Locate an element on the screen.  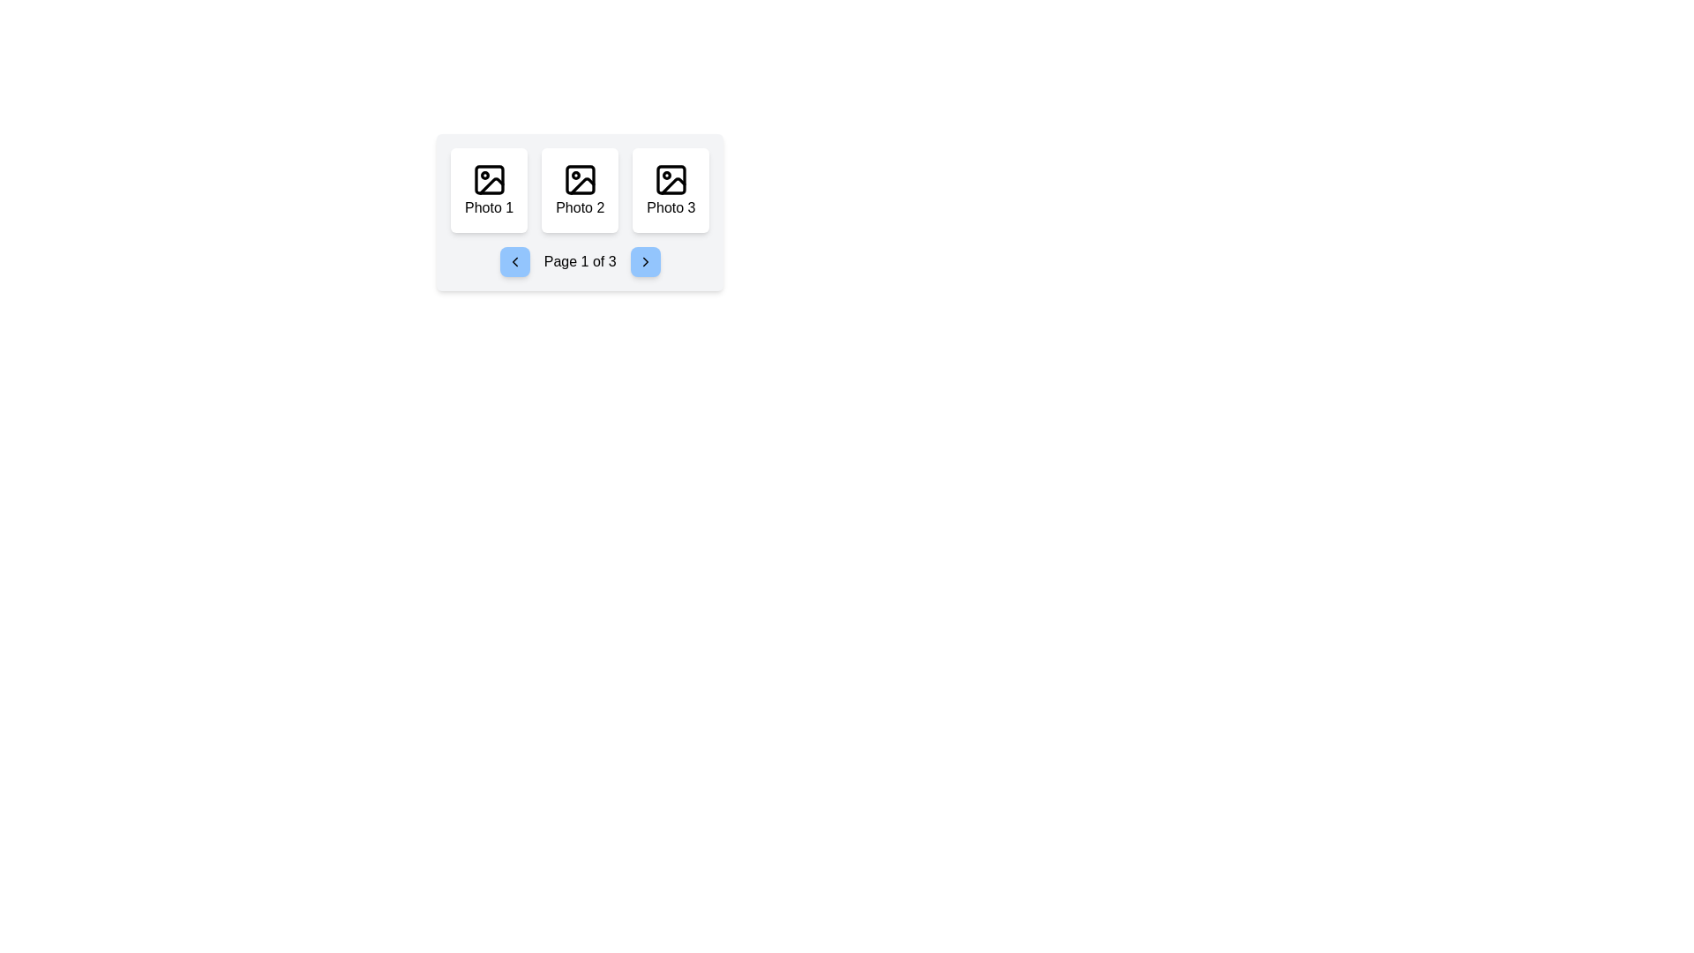
the navigation button that moves to the previous page, located to the left of the text 'Page 1 of 3' is located at coordinates (513, 262).